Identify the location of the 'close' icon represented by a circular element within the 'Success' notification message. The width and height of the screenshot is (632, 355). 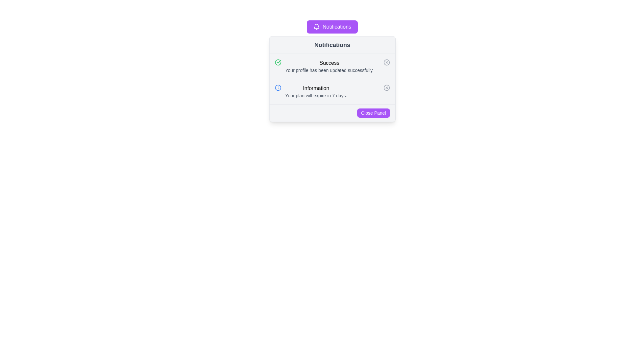
(386, 62).